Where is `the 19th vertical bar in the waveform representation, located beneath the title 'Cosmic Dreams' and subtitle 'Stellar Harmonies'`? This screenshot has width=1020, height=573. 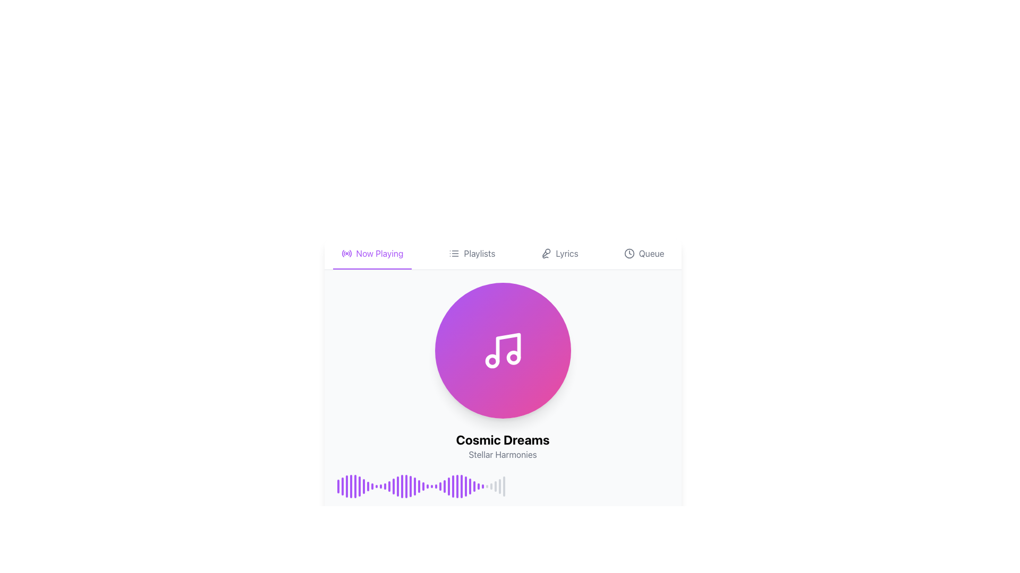
the 19th vertical bar in the waveform representation, located beneath the title 'Cosmic Dreams' and subtitle 'Stellar Harmonies' is located at coordinates (414, 487).